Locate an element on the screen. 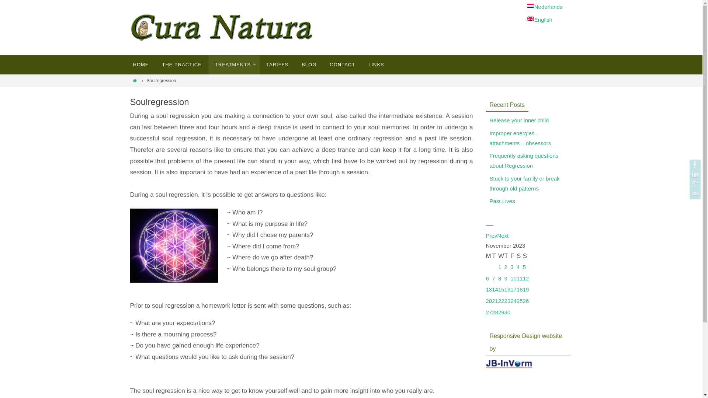 This screenshot has width=708, height=398. '1' is located at coordinates (499, 267).